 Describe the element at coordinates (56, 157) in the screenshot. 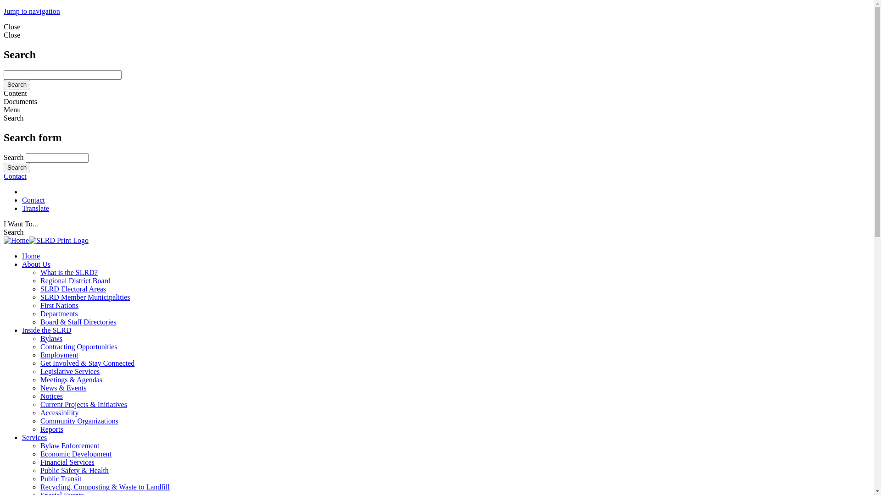

I see `'Enter the terms you wish to search for.'` at that location.